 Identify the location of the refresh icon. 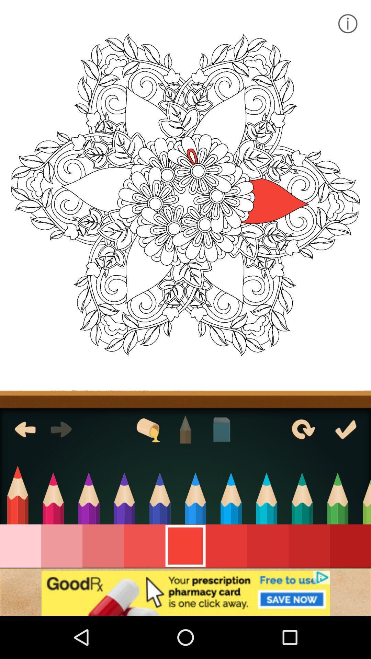
(302, 429).